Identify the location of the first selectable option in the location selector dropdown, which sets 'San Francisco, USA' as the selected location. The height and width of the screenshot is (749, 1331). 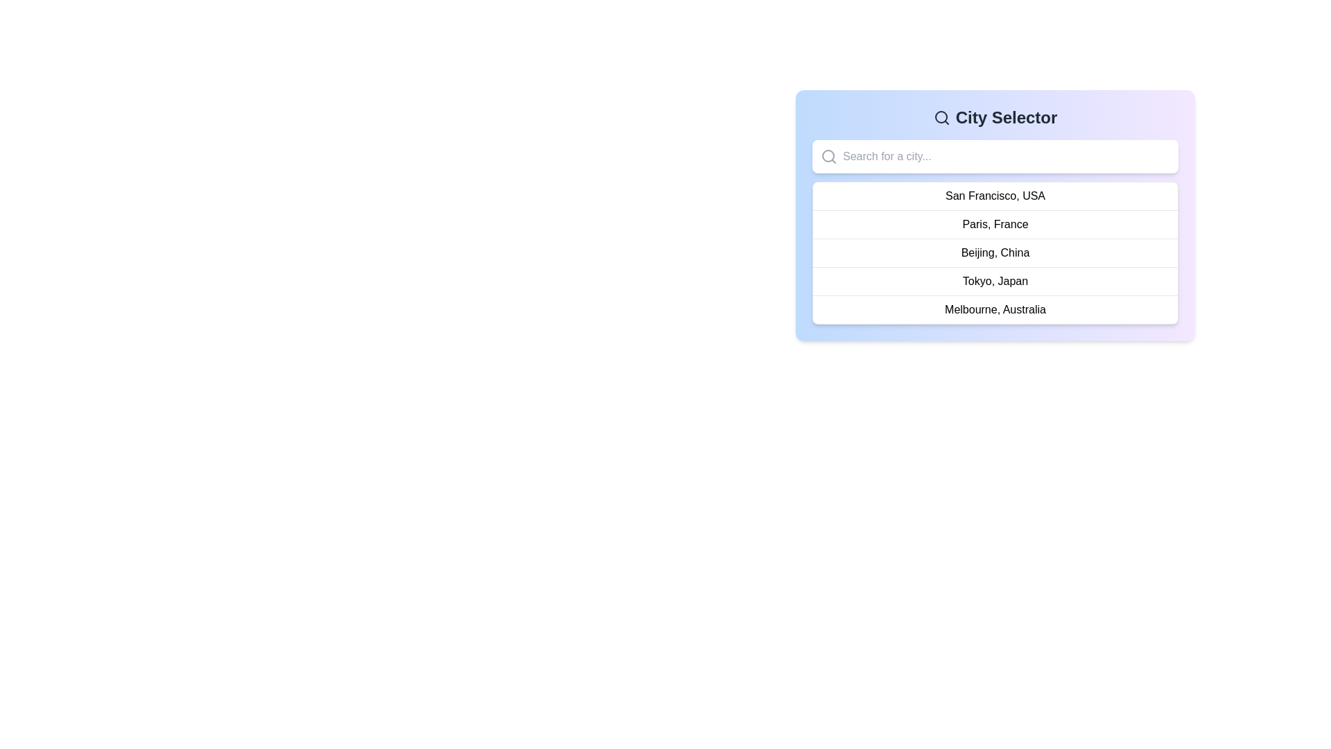
(994, 196).